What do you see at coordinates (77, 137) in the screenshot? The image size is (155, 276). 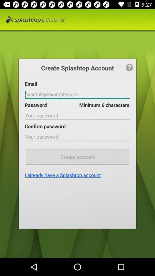 I see `password confirmation` at bounding box center [77, 137].